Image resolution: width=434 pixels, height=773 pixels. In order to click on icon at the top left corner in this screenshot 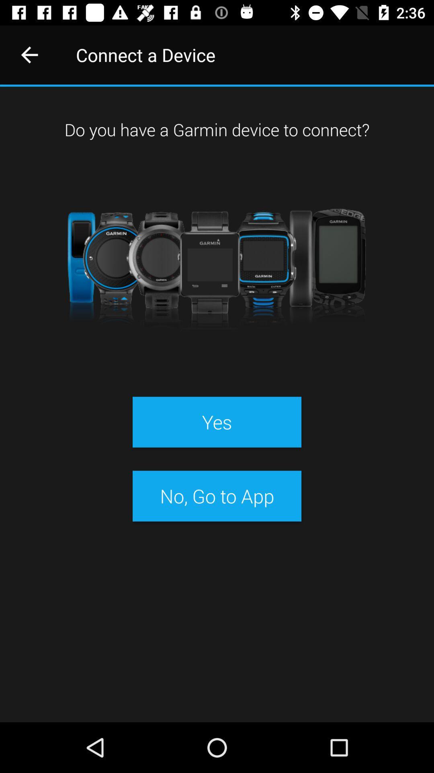, I will do `click(29, 54)`.